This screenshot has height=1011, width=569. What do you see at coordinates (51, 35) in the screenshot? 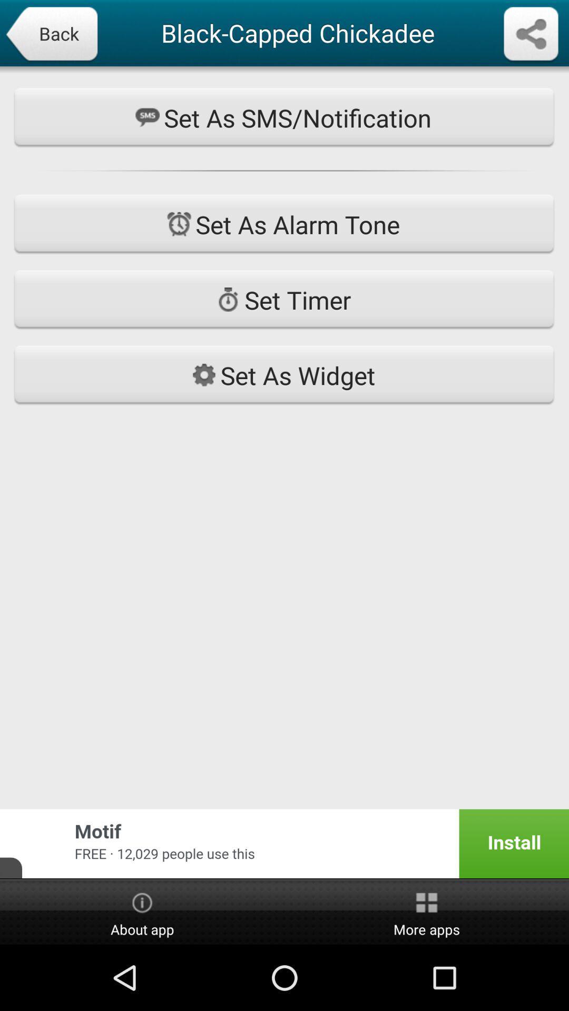
I see `the back item` at bounding box center [51, 35].